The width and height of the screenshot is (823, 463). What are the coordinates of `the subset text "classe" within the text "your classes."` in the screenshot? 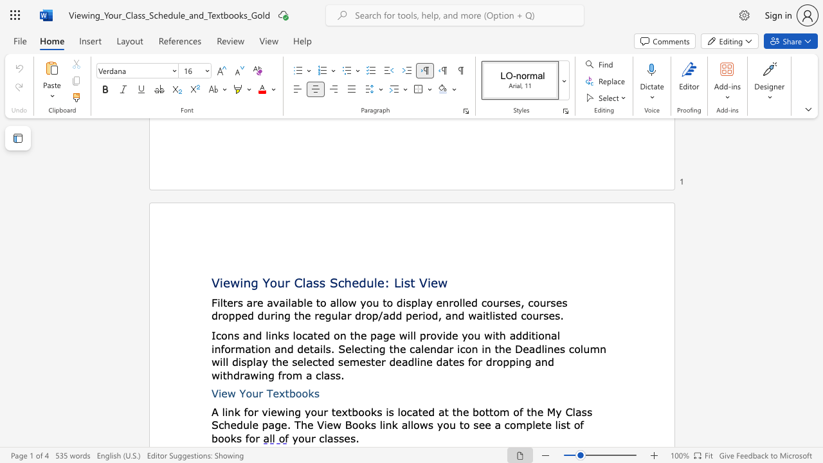 It's located at (319, 437).